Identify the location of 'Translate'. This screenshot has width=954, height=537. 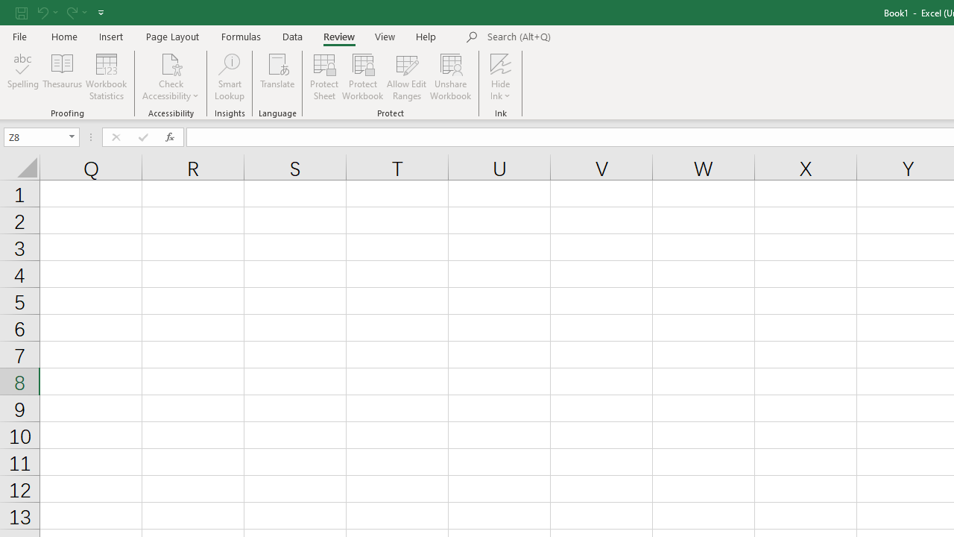
(277, 77).